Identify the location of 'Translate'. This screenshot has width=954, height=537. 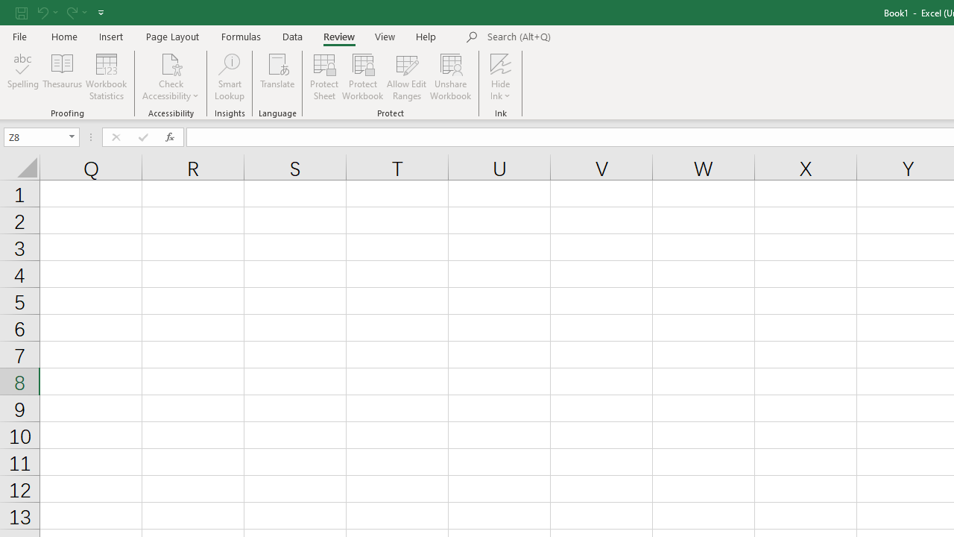
(277, 77).